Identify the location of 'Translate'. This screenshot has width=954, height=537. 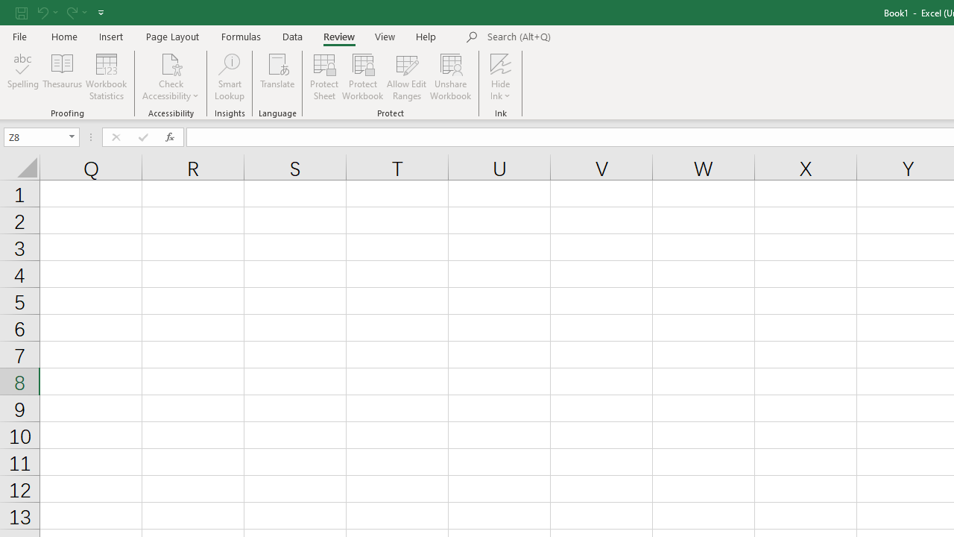
(277, 77).